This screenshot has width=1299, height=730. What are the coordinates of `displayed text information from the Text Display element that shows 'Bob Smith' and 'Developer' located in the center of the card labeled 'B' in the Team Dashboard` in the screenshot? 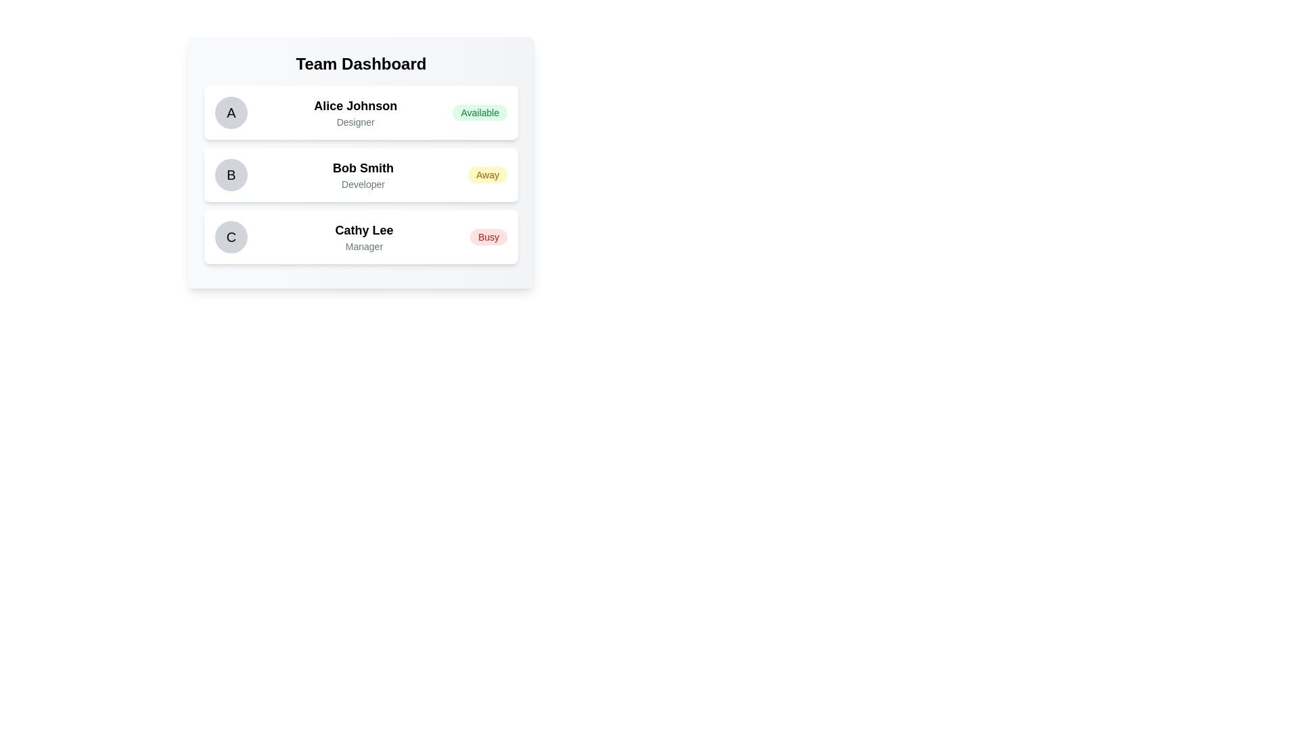 It's located at (363, 174).